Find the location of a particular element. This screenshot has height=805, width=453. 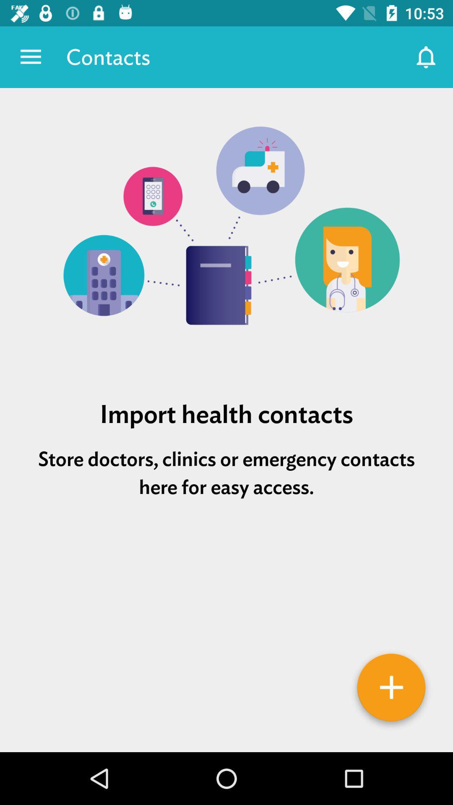

icon above import health contacts item is located at coordinates (226, 234).